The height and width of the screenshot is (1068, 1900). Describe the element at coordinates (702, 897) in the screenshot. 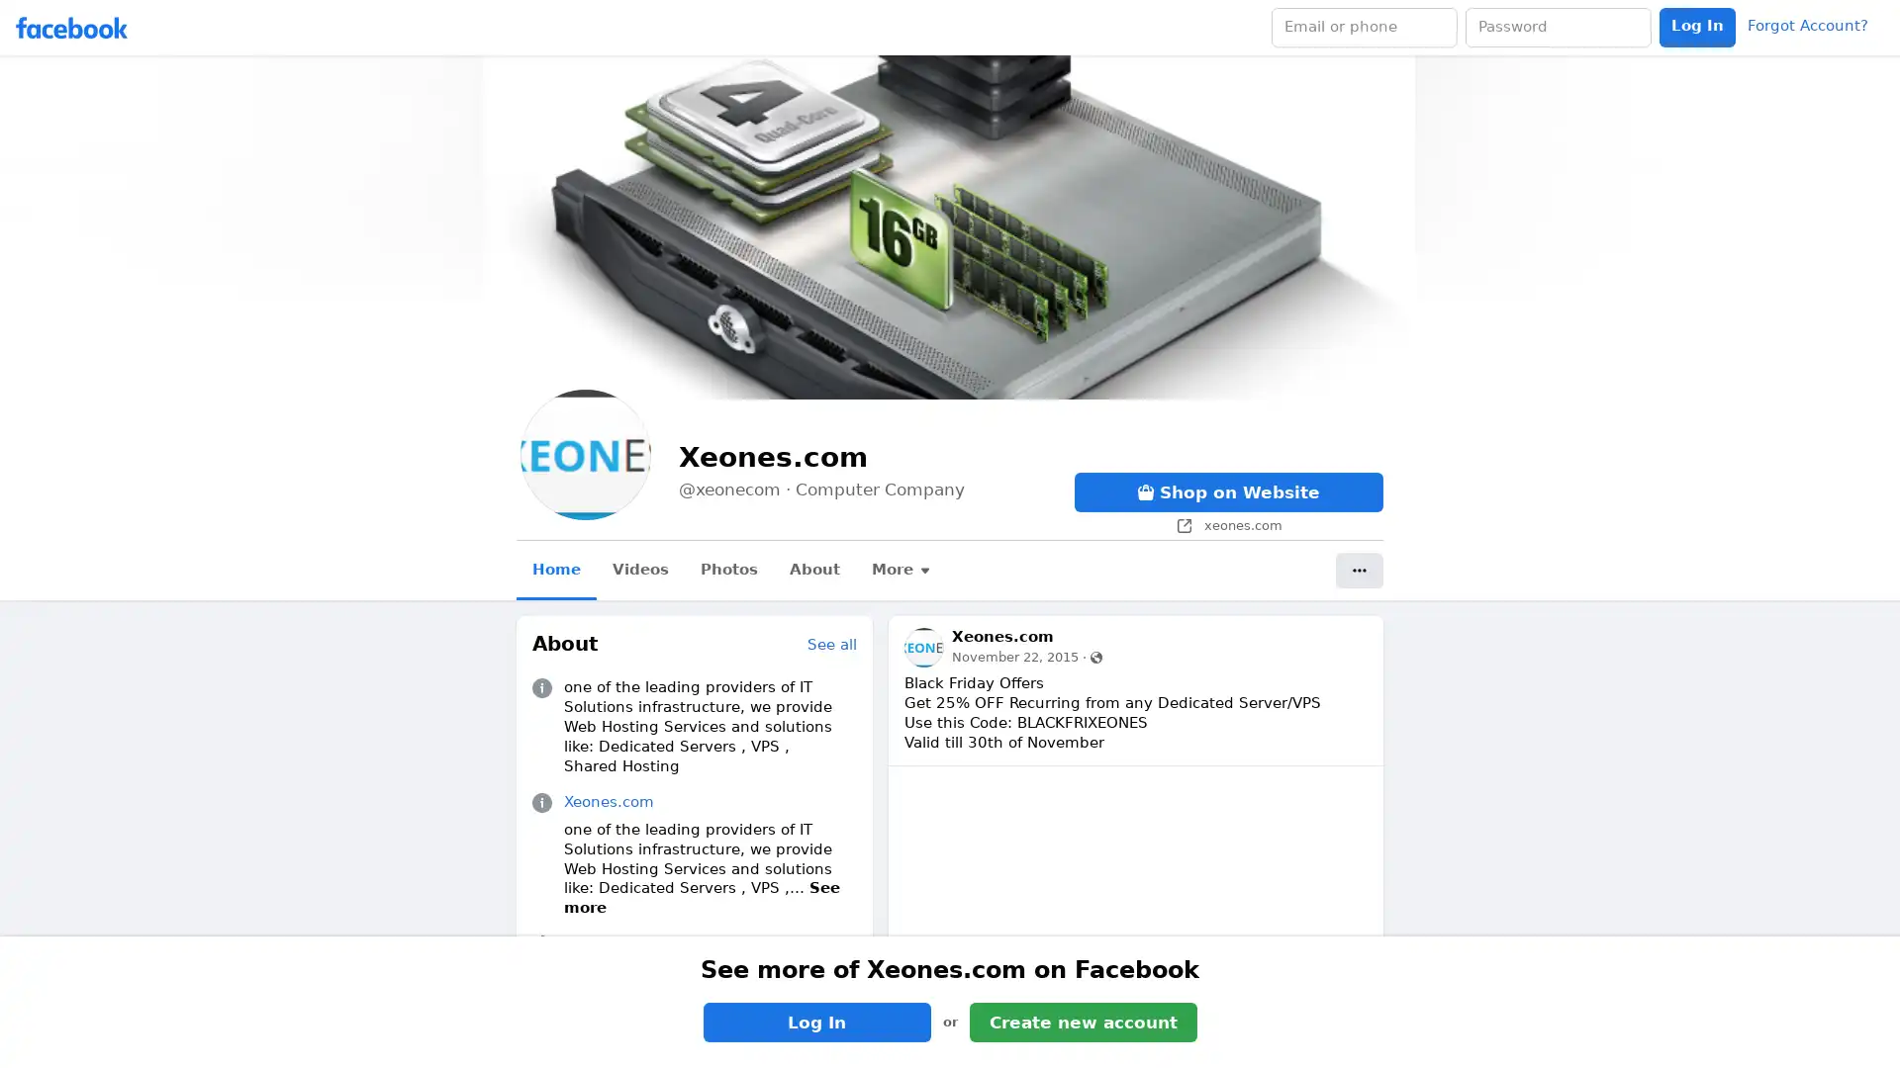

I see `See more` at that location.